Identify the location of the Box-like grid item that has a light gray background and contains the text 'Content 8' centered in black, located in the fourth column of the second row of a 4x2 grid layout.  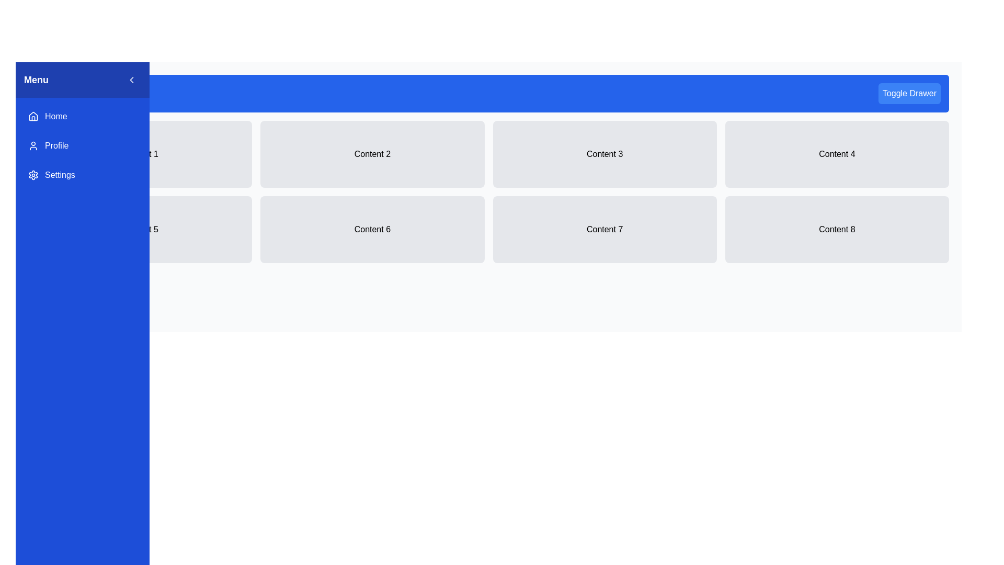
(837, 229).